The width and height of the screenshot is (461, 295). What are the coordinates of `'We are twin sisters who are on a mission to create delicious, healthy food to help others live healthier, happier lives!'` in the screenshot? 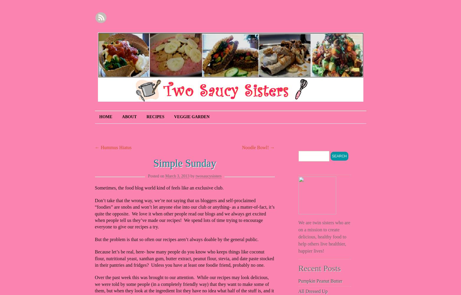 It's located at (324, 236).